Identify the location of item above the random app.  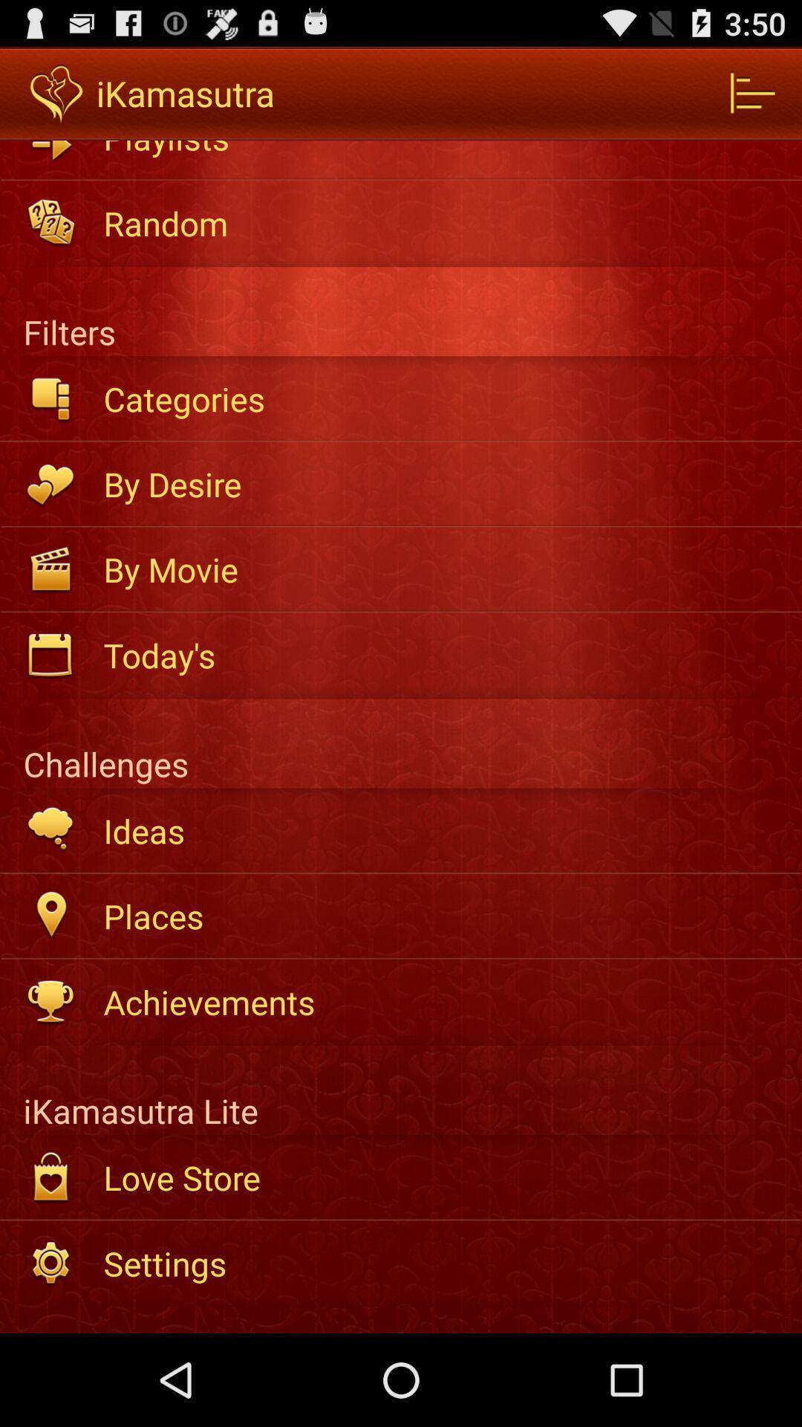
(442, 150).